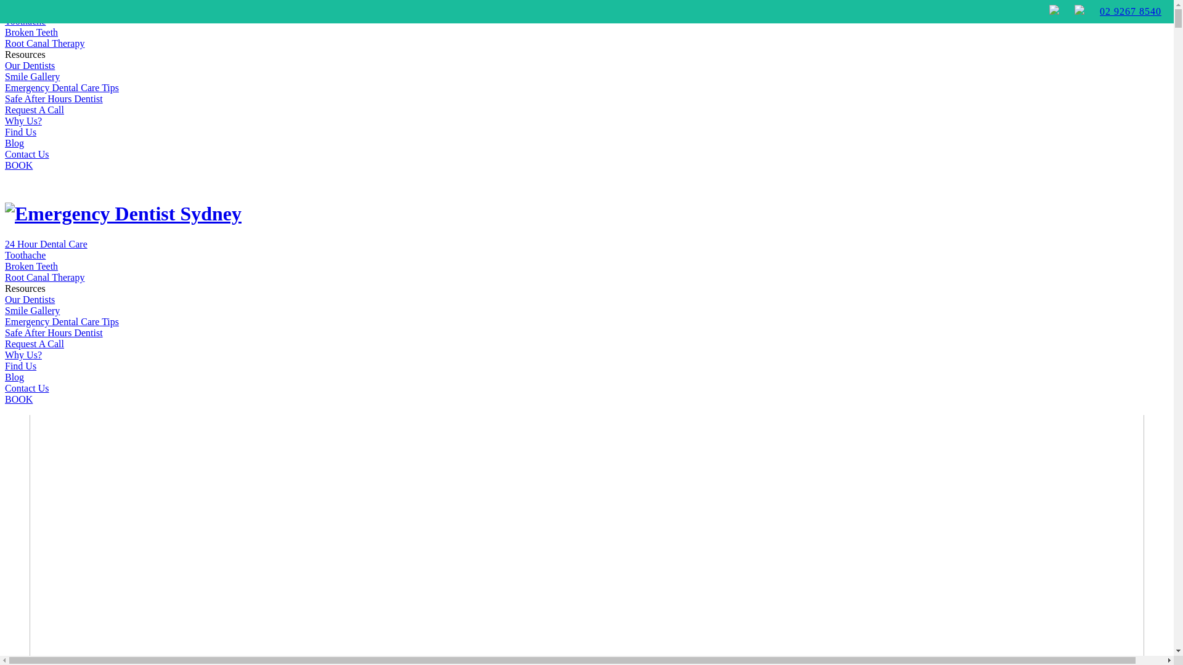  Describe the element at coordinates (61, 321) in the screenshot. I see `'Emergency Dental Care Tips'` at that location.